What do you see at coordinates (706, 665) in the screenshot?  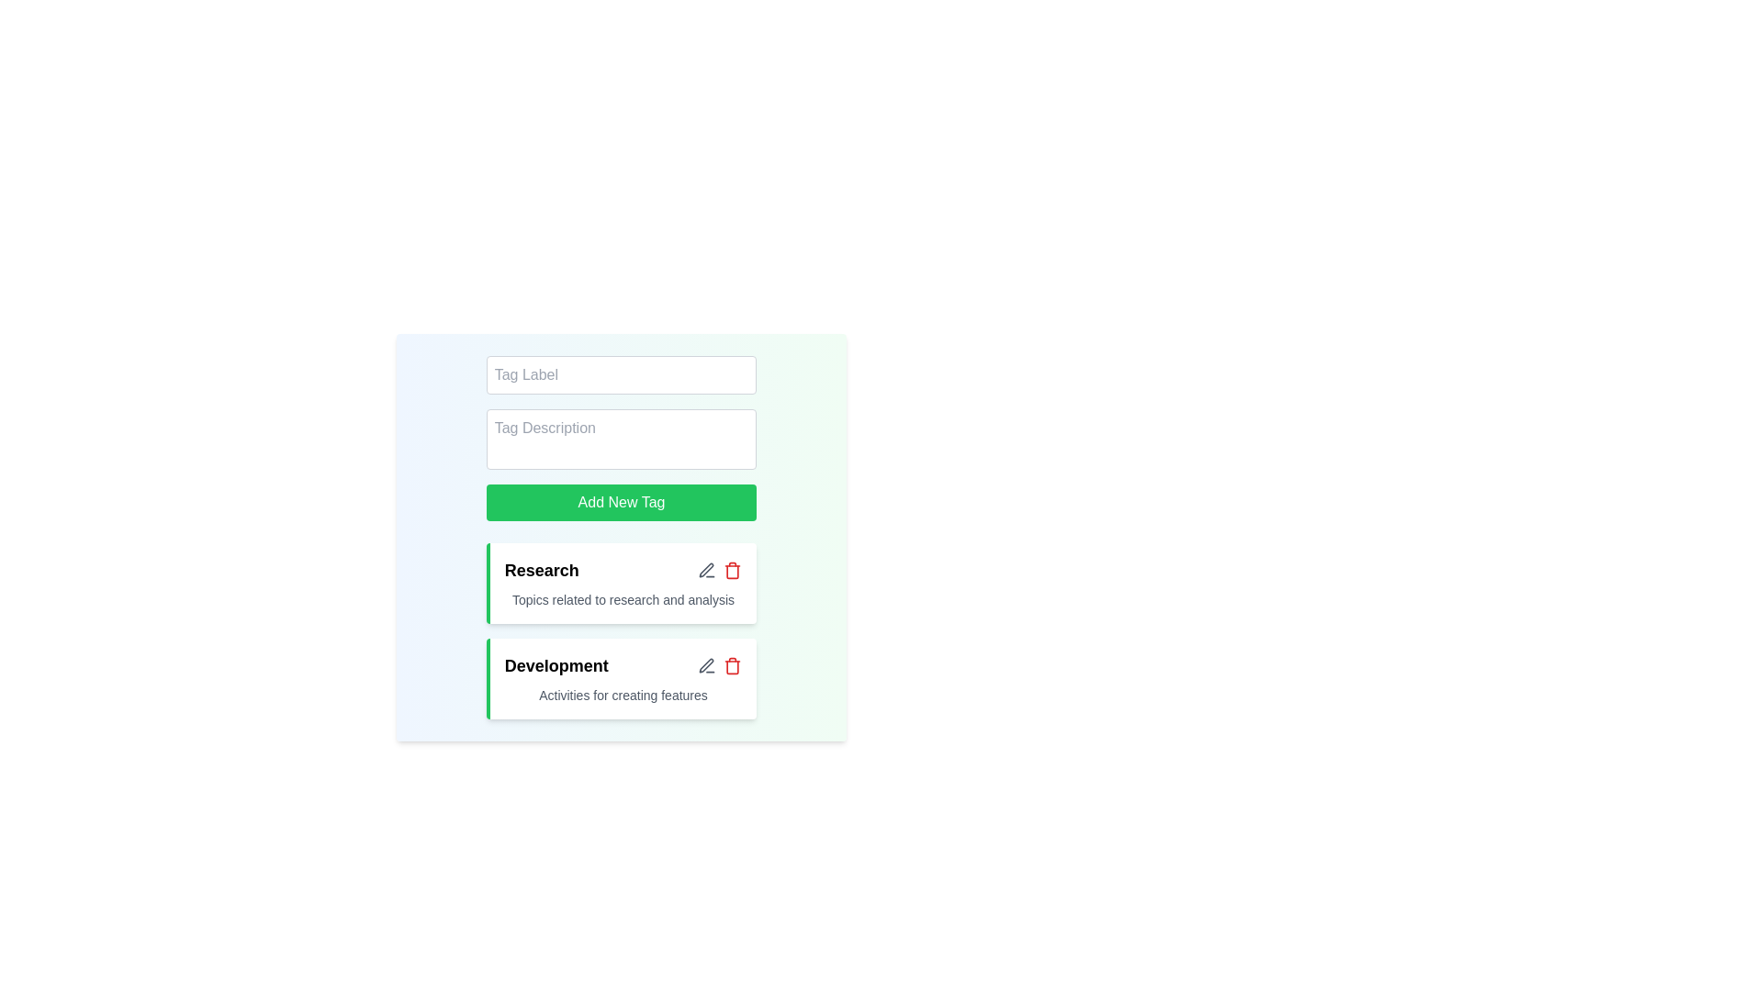 I see `the pen-shaped icon button located at the top-right corner of the 'Development' card to initiate the edit action` at bounding box center [706, 665].